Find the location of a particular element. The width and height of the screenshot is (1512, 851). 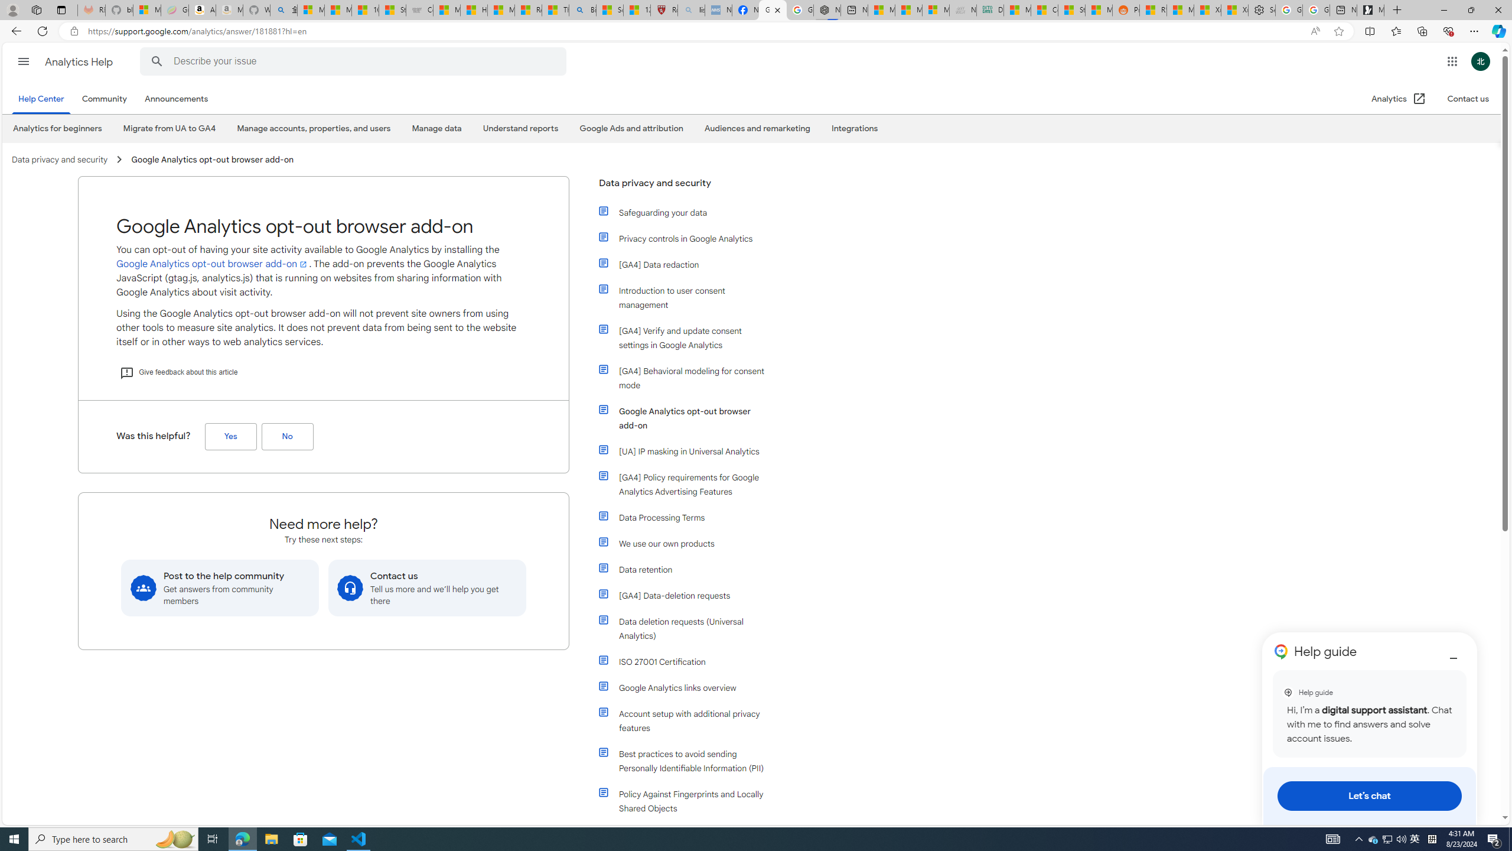

'Announcements' is located at coordinates (175, 98).